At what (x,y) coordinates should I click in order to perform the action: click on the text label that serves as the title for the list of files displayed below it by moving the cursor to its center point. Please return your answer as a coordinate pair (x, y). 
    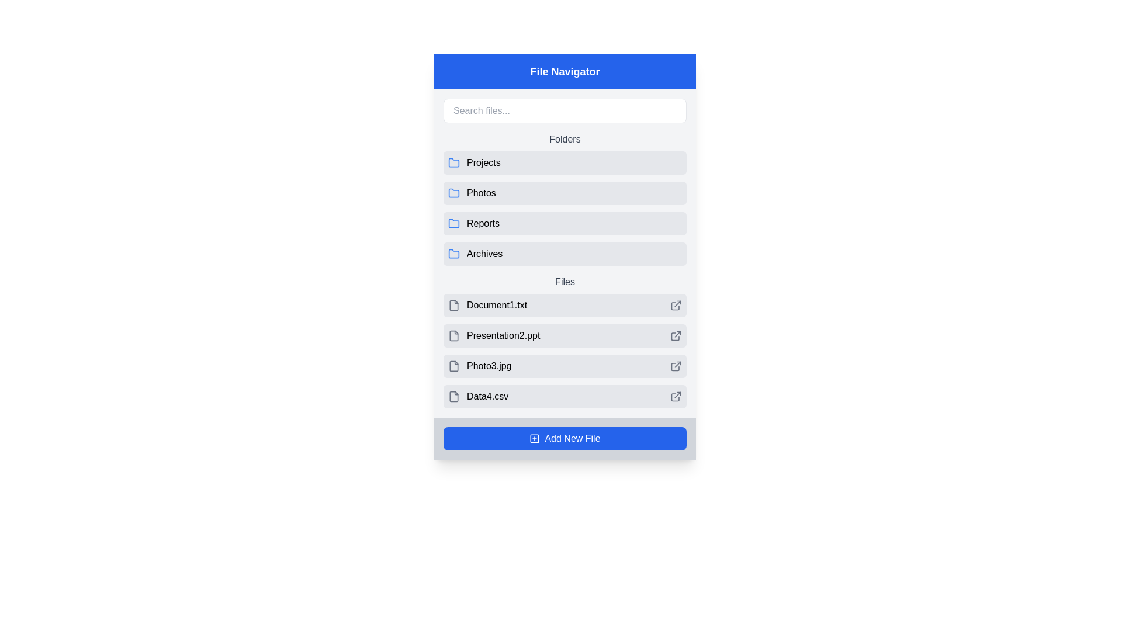
    Looking at the image, I should click on (565, 282).